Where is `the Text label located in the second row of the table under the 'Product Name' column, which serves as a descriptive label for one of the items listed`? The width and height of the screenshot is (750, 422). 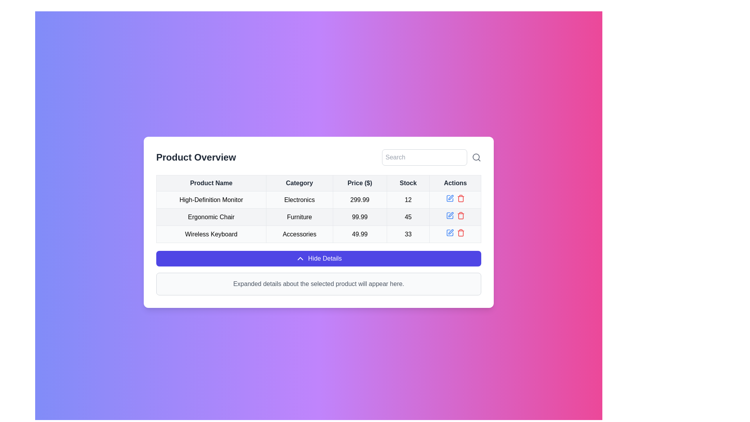 the Text label located in the second row of the table under the 'Product Name' column, which serves as a descriptive label for one of the items listed is located at coordinates (211, 217).